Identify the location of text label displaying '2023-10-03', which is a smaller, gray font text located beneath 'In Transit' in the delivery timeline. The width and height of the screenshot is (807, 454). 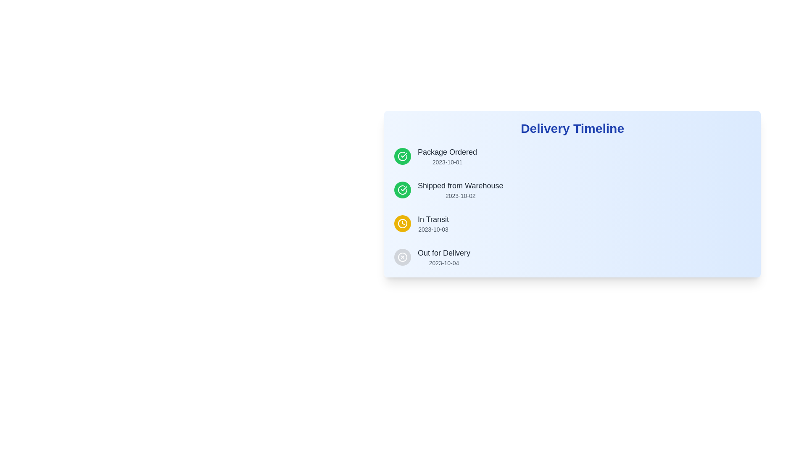
(433, 230).